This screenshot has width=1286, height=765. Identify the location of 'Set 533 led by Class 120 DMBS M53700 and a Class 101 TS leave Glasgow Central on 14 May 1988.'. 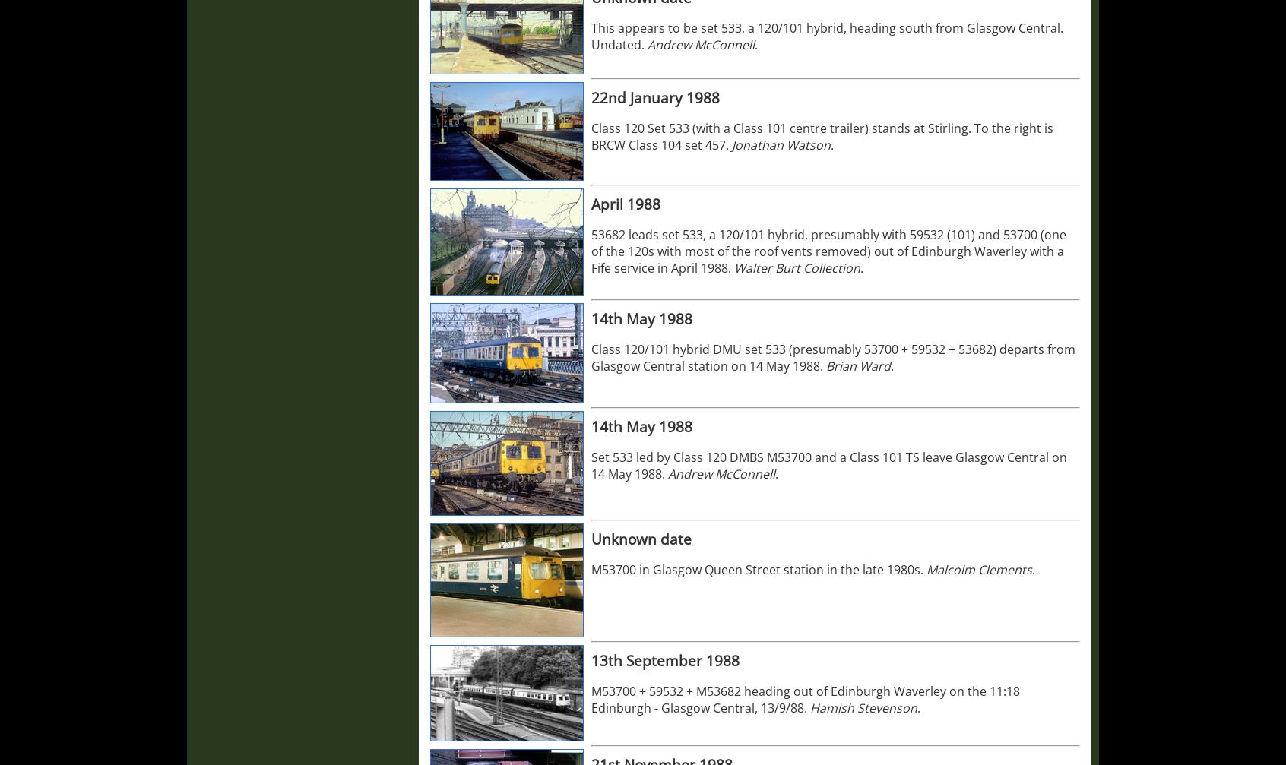
(829, 464).